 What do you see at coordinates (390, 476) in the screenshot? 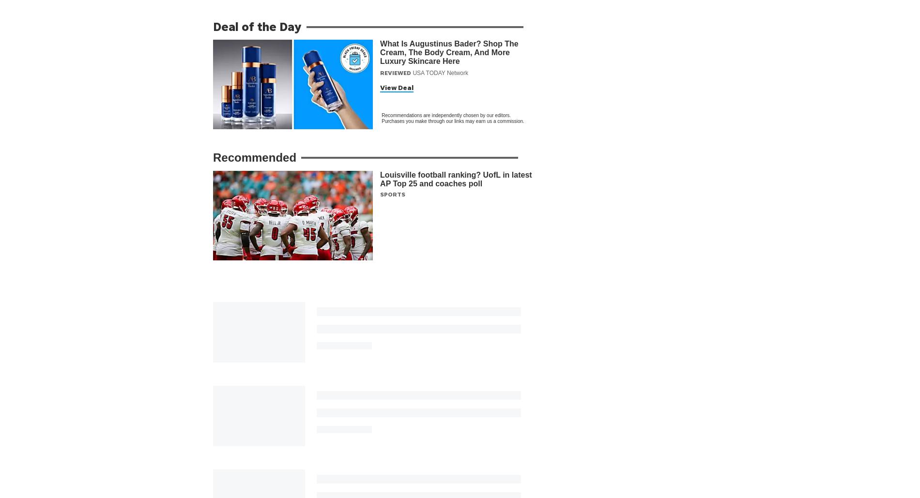
I see `'Advertise Your Business'` at bounding box center [390, 476].